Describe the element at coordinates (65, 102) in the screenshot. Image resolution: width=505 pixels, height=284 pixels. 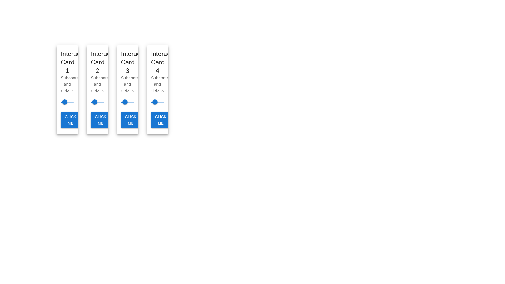
I see `the slider value` at that location.